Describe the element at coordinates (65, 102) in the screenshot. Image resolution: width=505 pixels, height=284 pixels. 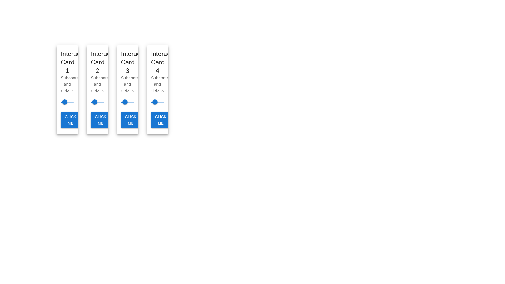
I see `the slider value` at that location.